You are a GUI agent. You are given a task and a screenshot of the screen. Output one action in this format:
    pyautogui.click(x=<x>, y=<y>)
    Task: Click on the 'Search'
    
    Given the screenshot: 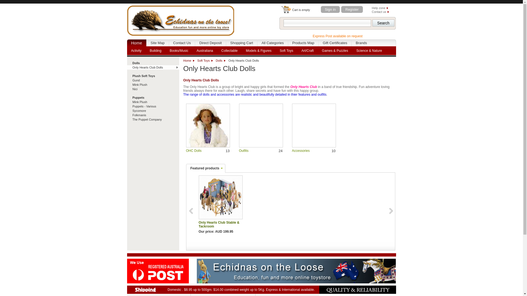 What is the action you would take?
    pyautogui.click(x=383, y=23)
    